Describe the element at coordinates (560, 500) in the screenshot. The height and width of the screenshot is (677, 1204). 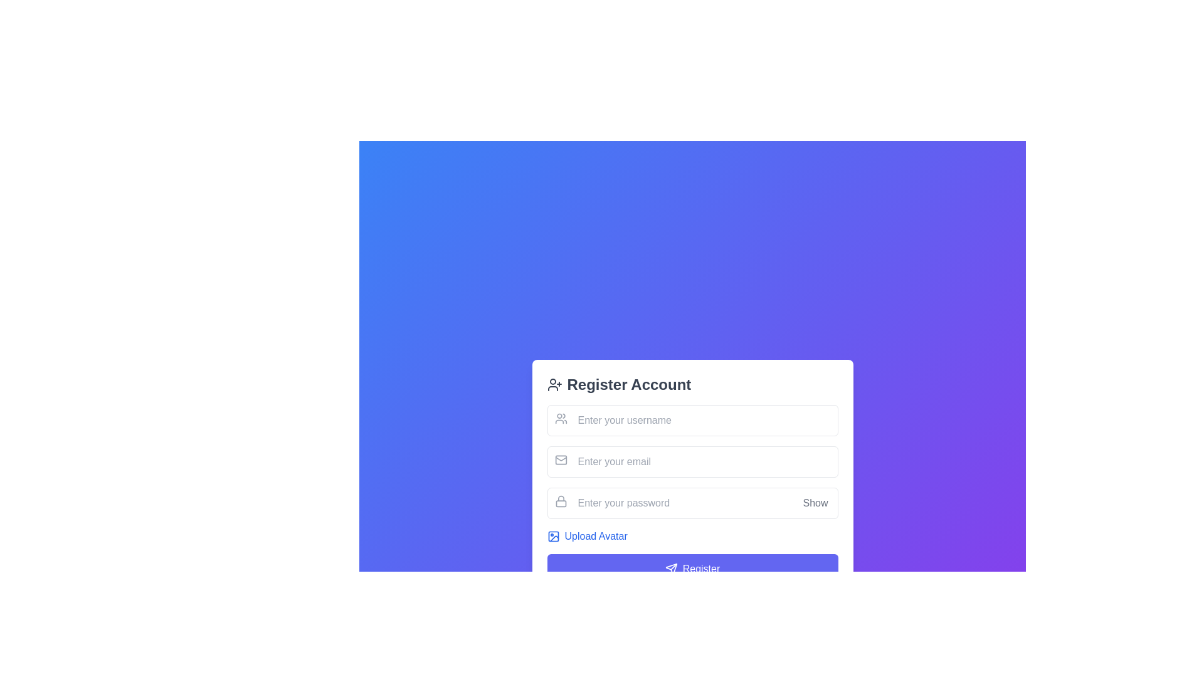
I see `the lock icon located to the left of the password input field, which visually indicates security functionality` at that location.